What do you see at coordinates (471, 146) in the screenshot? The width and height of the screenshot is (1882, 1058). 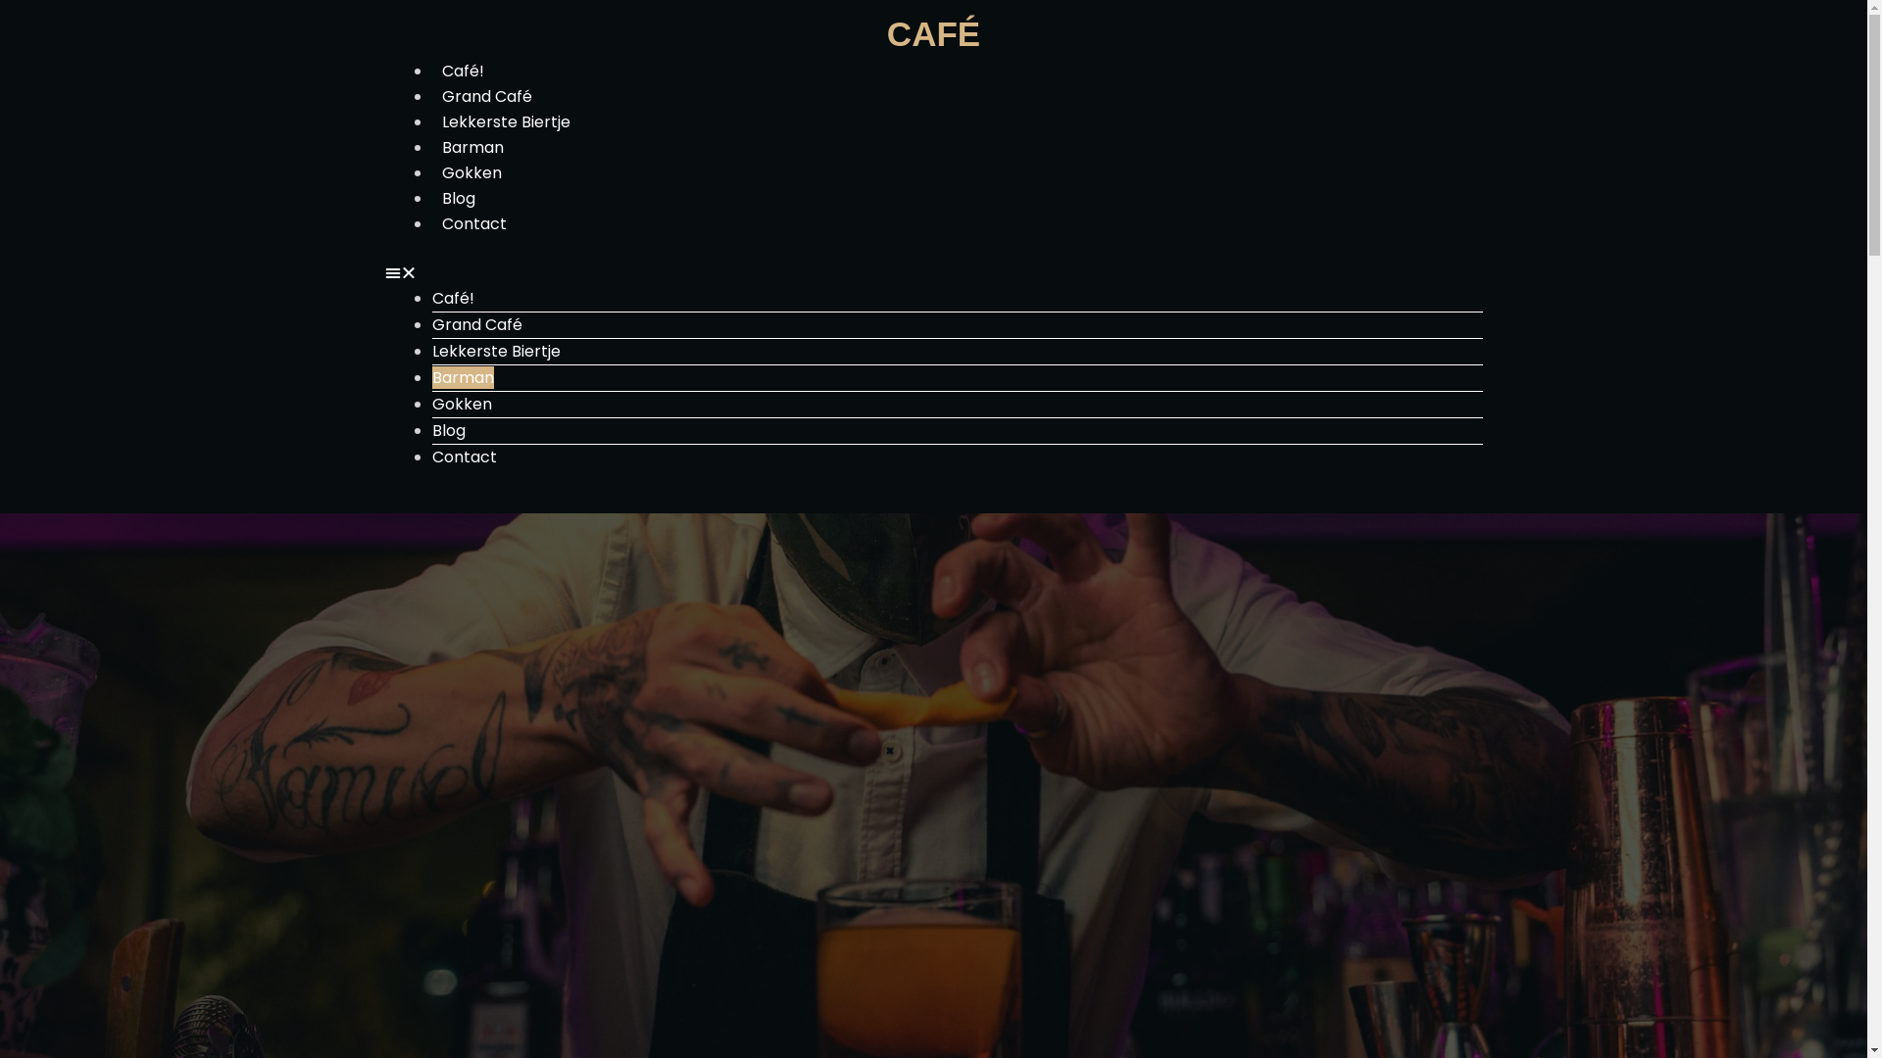 I see `'Barman'` at bounding box center [471, 146].